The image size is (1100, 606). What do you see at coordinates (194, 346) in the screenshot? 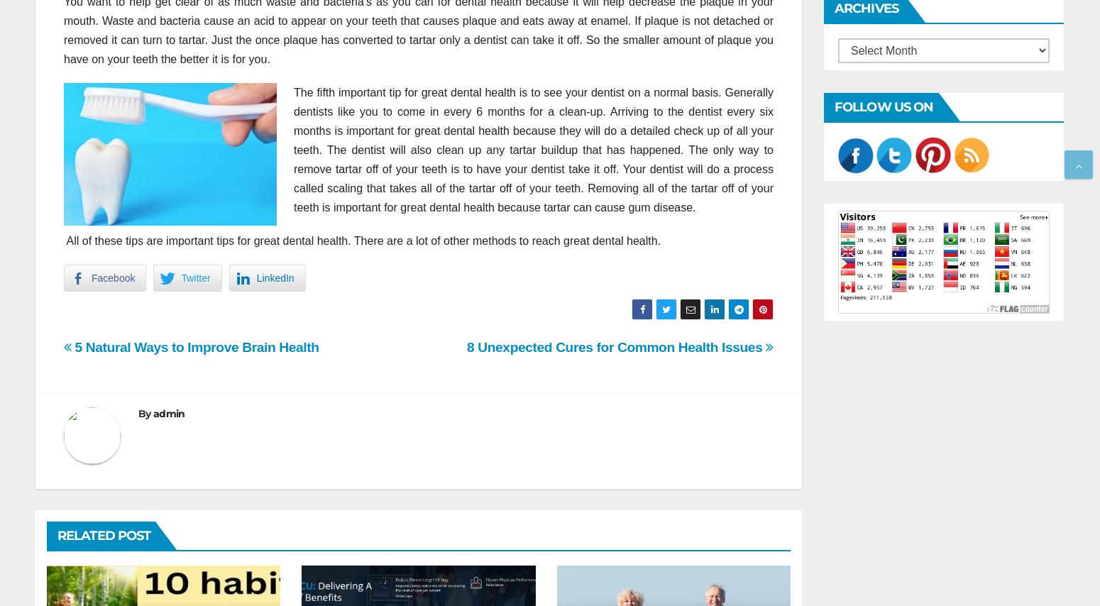
I see `'5 Natural Ways to Improve Brain Health'` at bounding box center [194, 346].